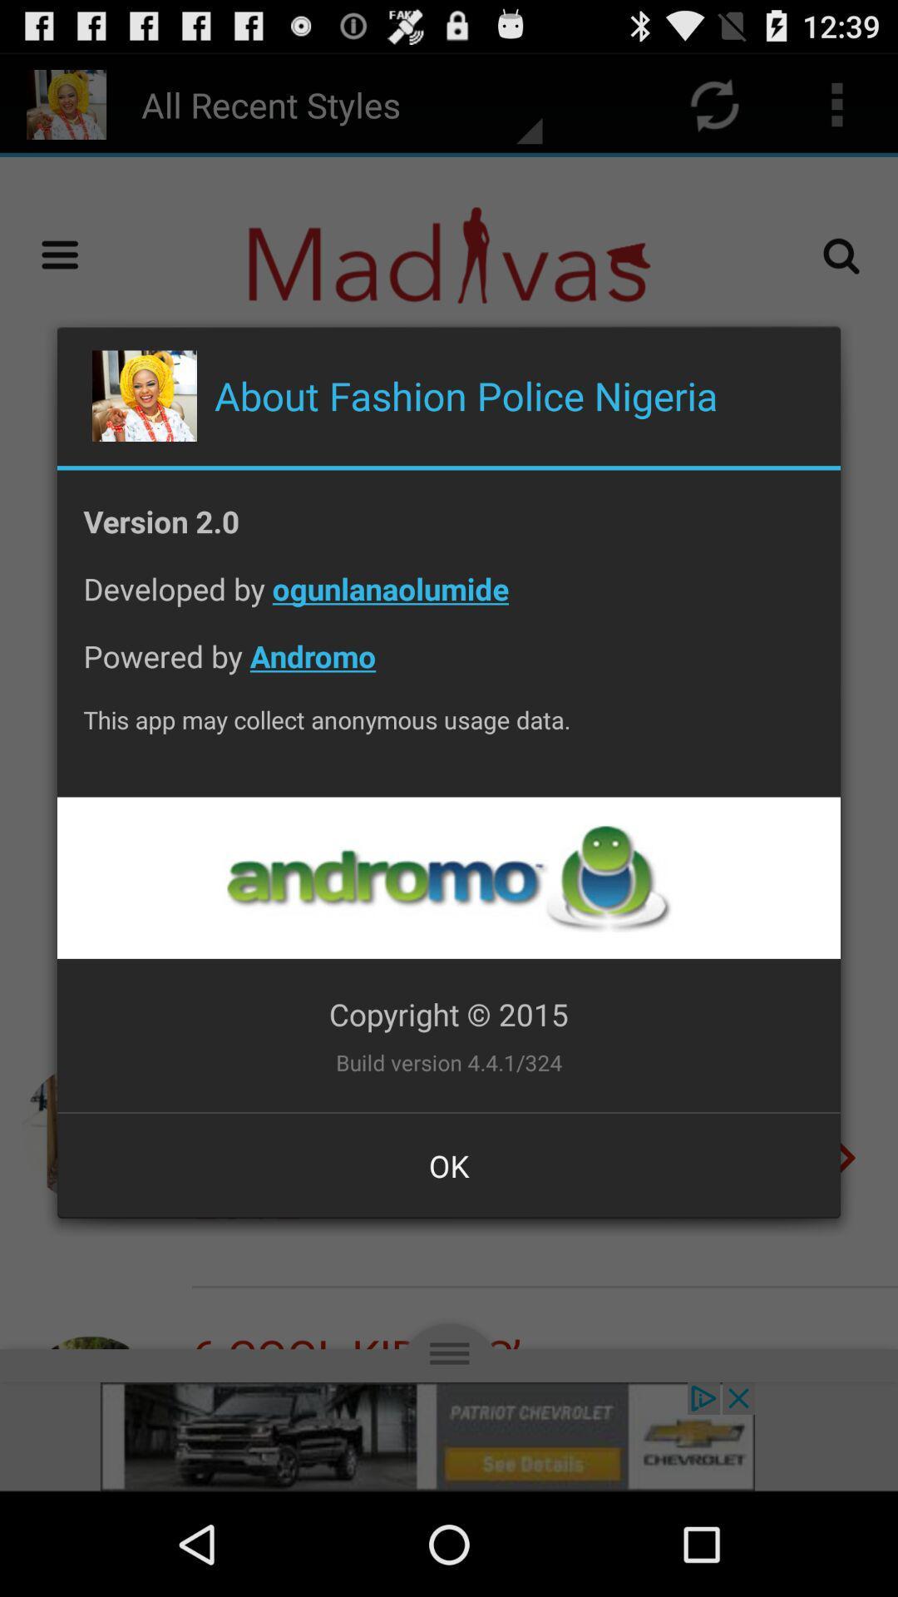 The width and height of the screenshot is (898, 1597). I want to click on link, so click(447, 877).